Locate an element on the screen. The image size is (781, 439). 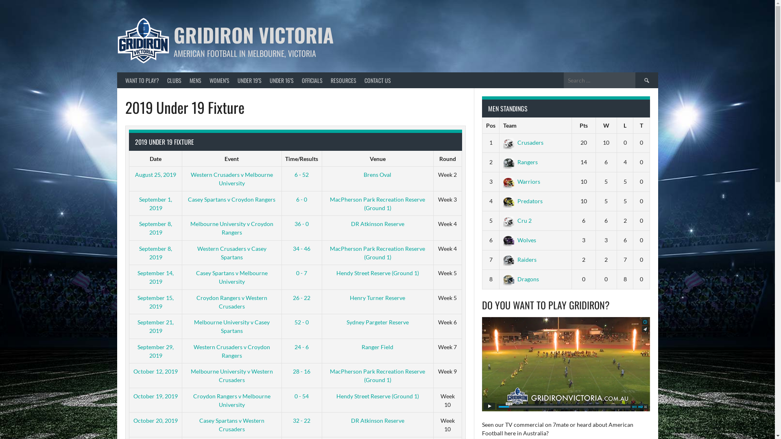
'Henry Turner Reserve' is located at coordinates (377, 298).